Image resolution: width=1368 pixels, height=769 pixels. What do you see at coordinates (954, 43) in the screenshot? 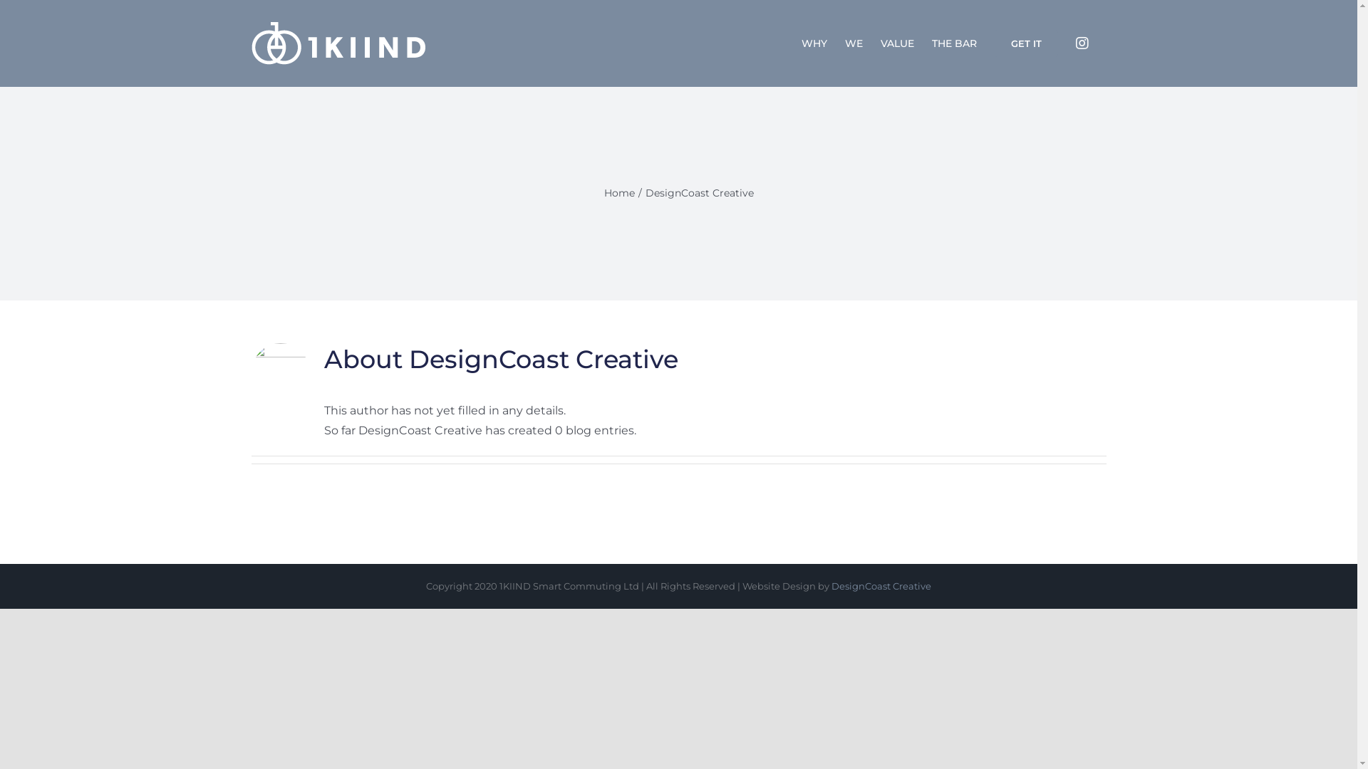
I see `'THE BAR'` at bounding box center [954, 43].